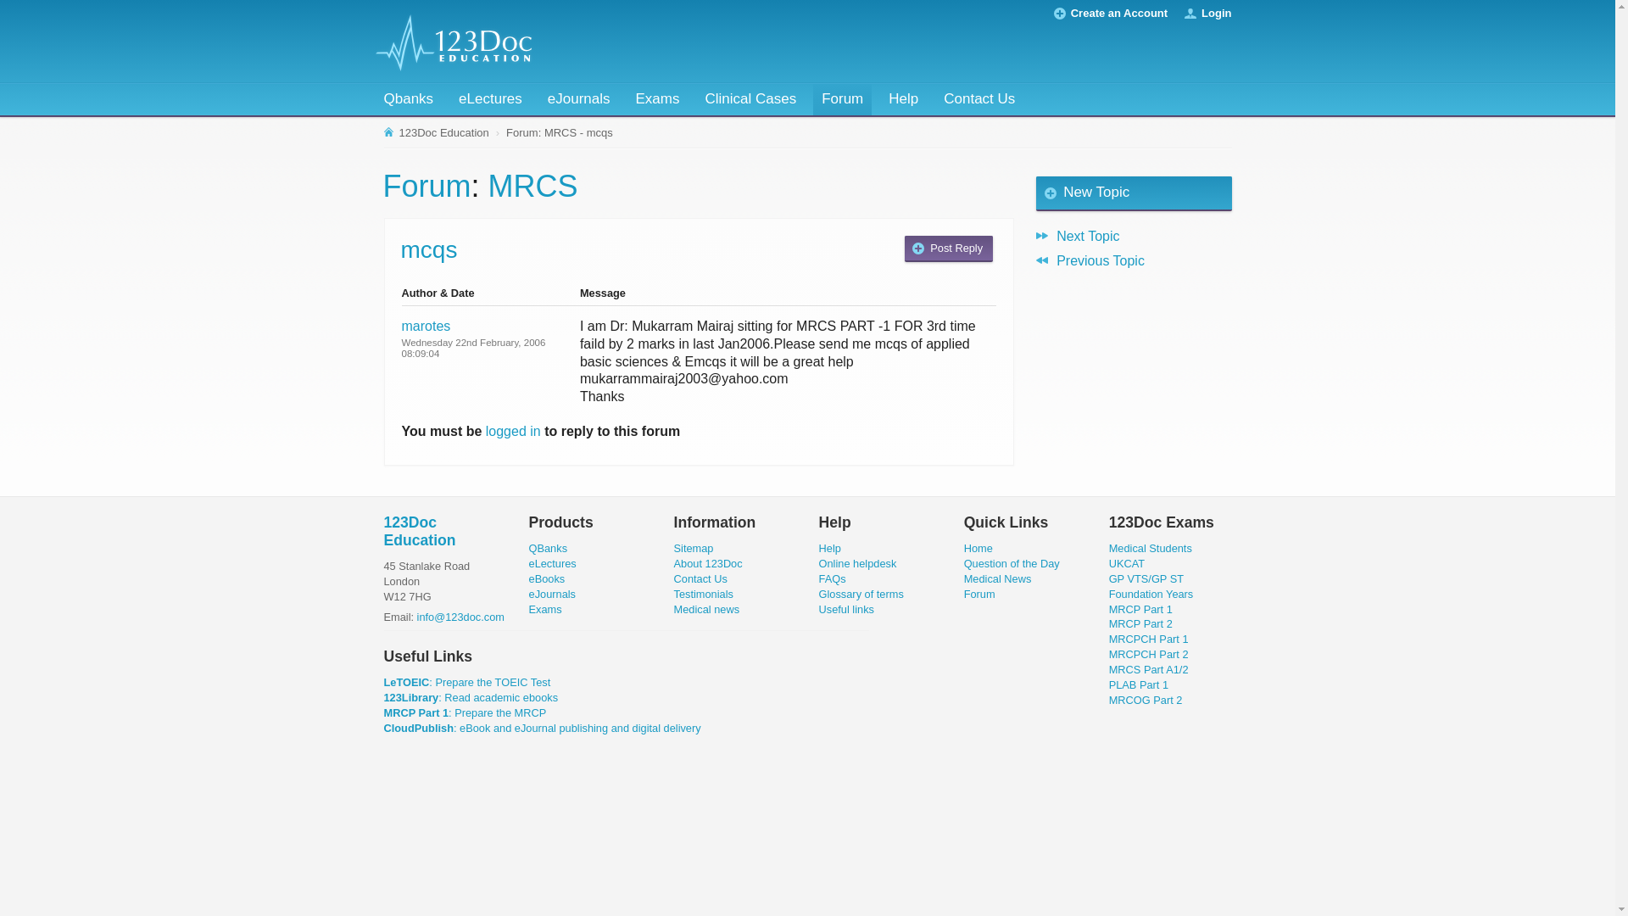  Describe the element at coordinates (830, 548) in the screenshot. I see `'Help'` at that location.